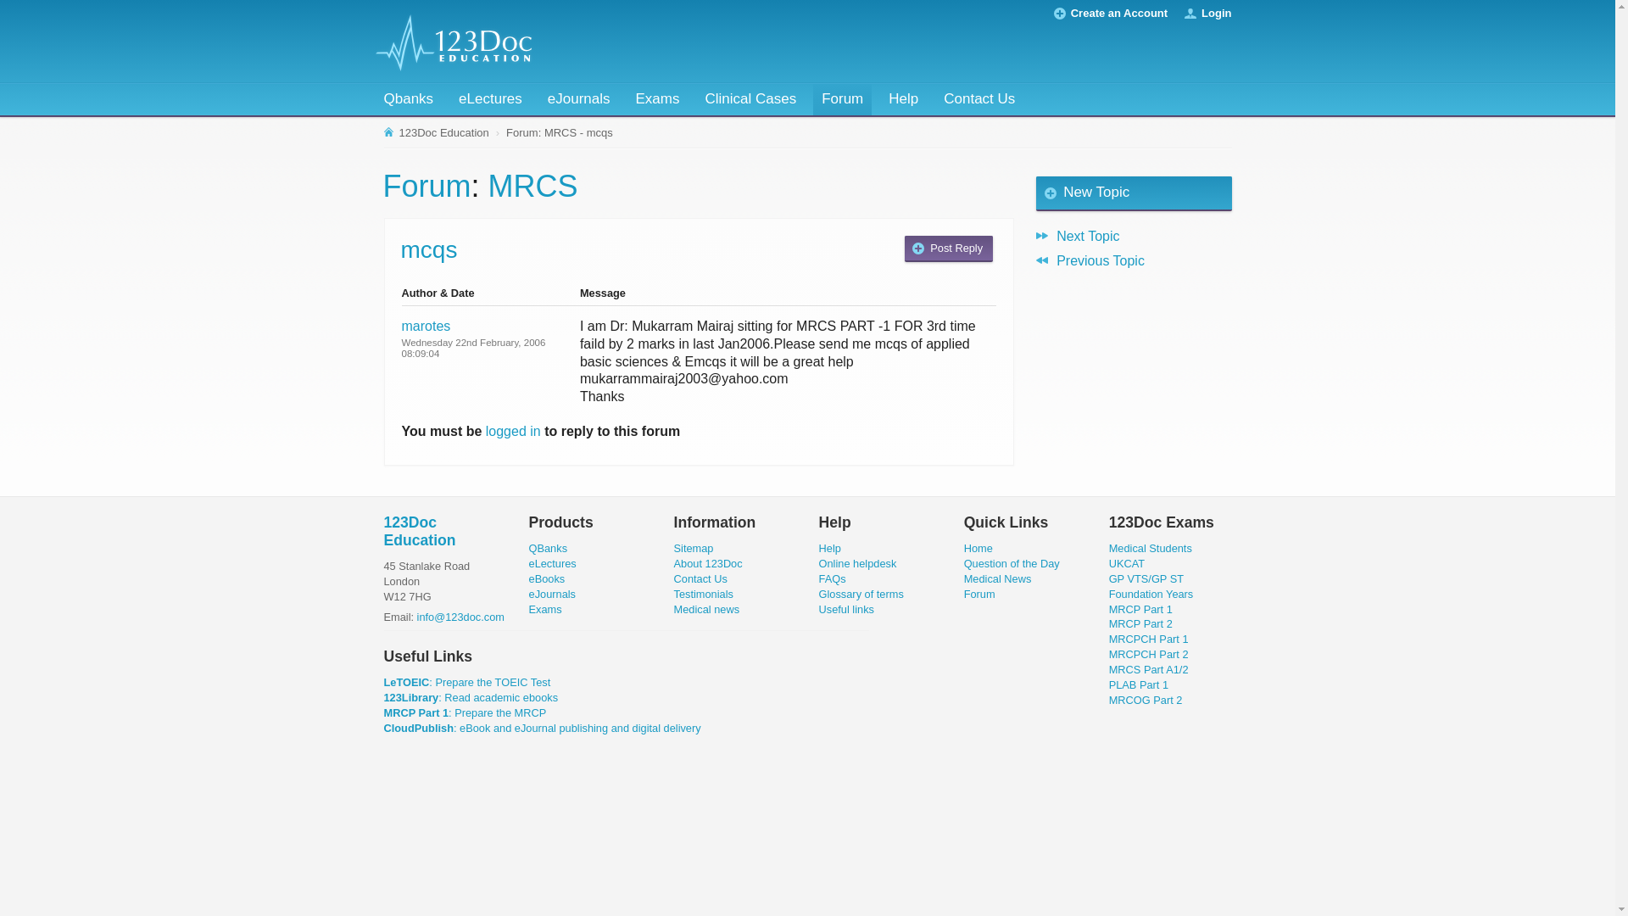  Describe the element at coordinates (830, 548) in the screenshot. I see `'Help'` at that location.